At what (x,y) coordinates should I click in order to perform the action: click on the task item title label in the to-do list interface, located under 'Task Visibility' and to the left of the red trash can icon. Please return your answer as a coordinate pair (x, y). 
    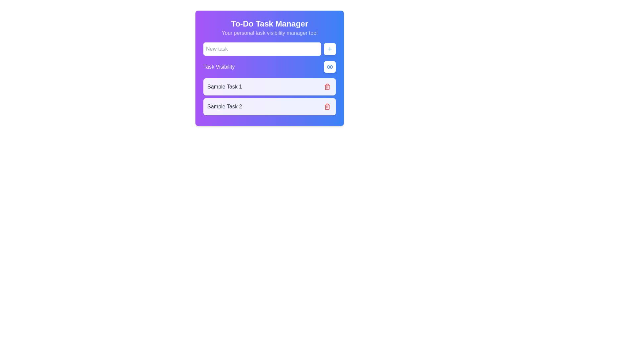
    Looking at the image, I should click on (225, 87).